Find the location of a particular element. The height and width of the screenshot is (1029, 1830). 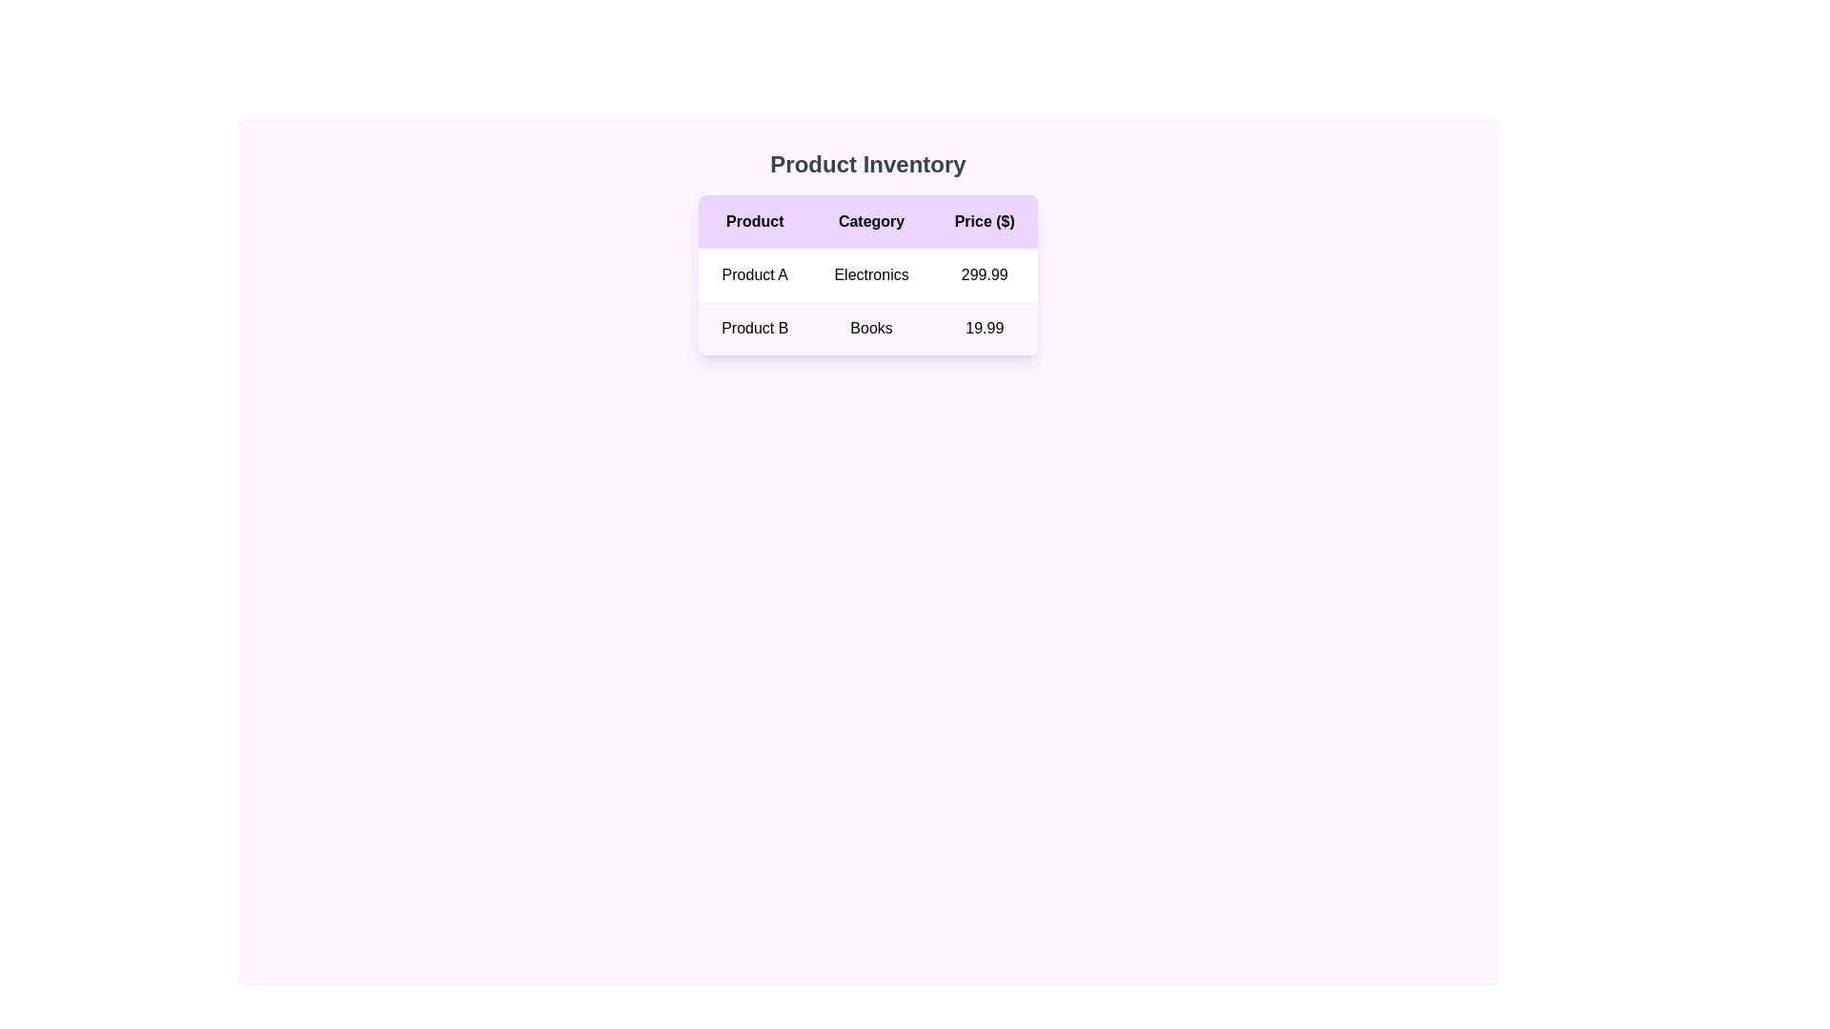

label of the table header labeled 'Price ($)' which is the rightmost header in the table is located at coordinates (985, 220).